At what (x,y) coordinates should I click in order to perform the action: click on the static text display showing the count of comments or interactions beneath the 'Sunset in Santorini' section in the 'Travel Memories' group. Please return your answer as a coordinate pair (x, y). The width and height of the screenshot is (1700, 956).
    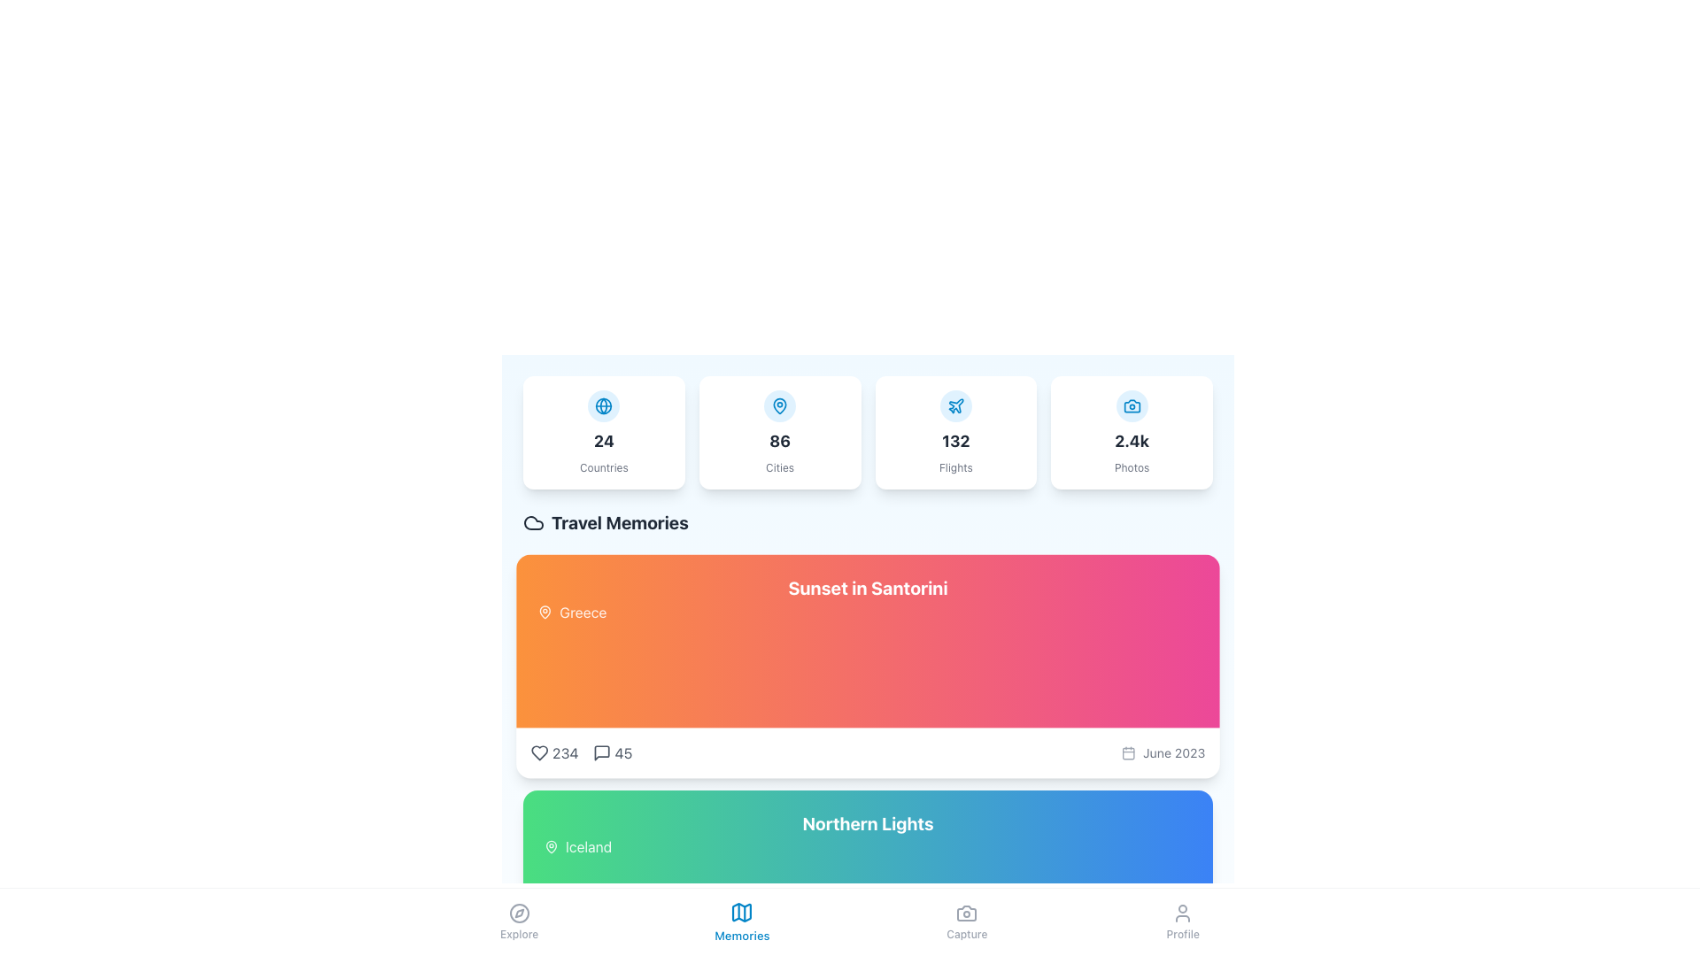
    Looking at the image, I should click on (623, 752).